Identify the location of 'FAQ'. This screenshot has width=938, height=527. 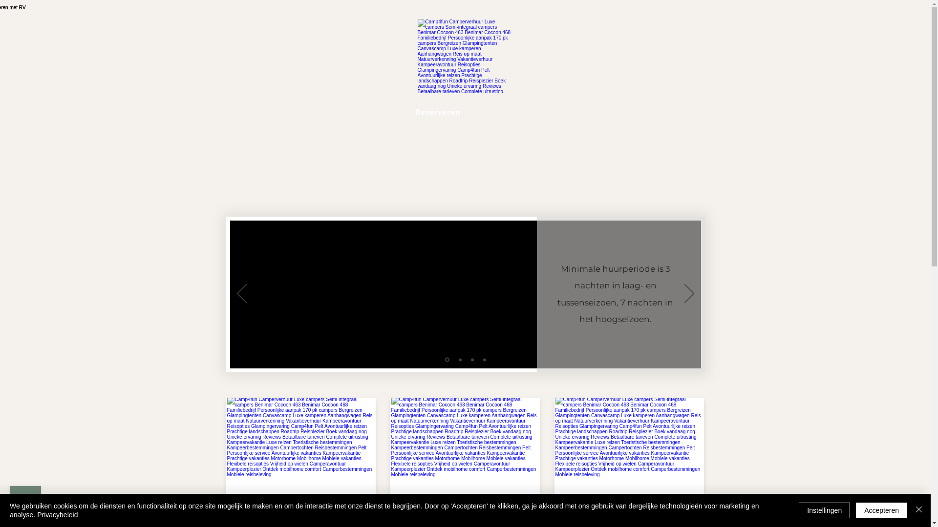
(531, 111).